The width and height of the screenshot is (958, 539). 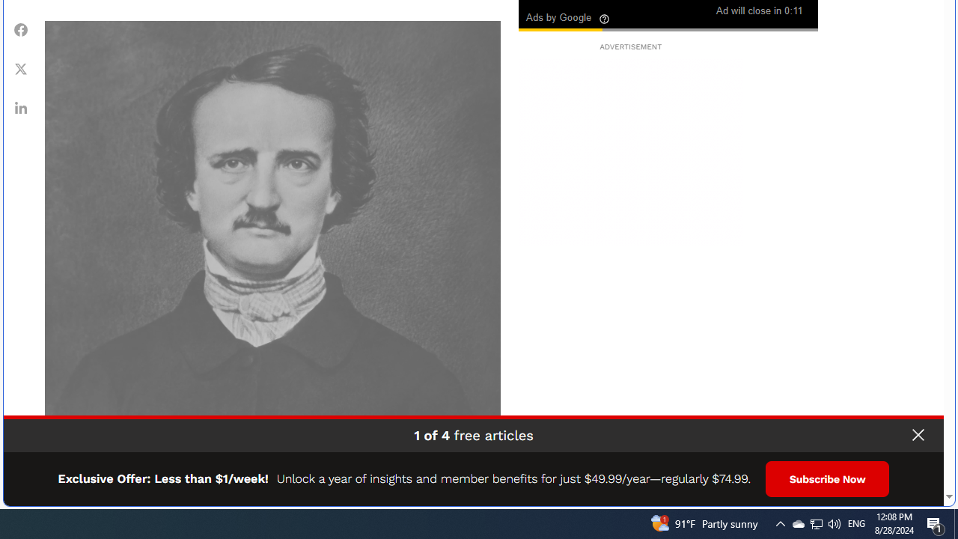 I want to click on 'Subscribe Now', so click(x=826, y=479).